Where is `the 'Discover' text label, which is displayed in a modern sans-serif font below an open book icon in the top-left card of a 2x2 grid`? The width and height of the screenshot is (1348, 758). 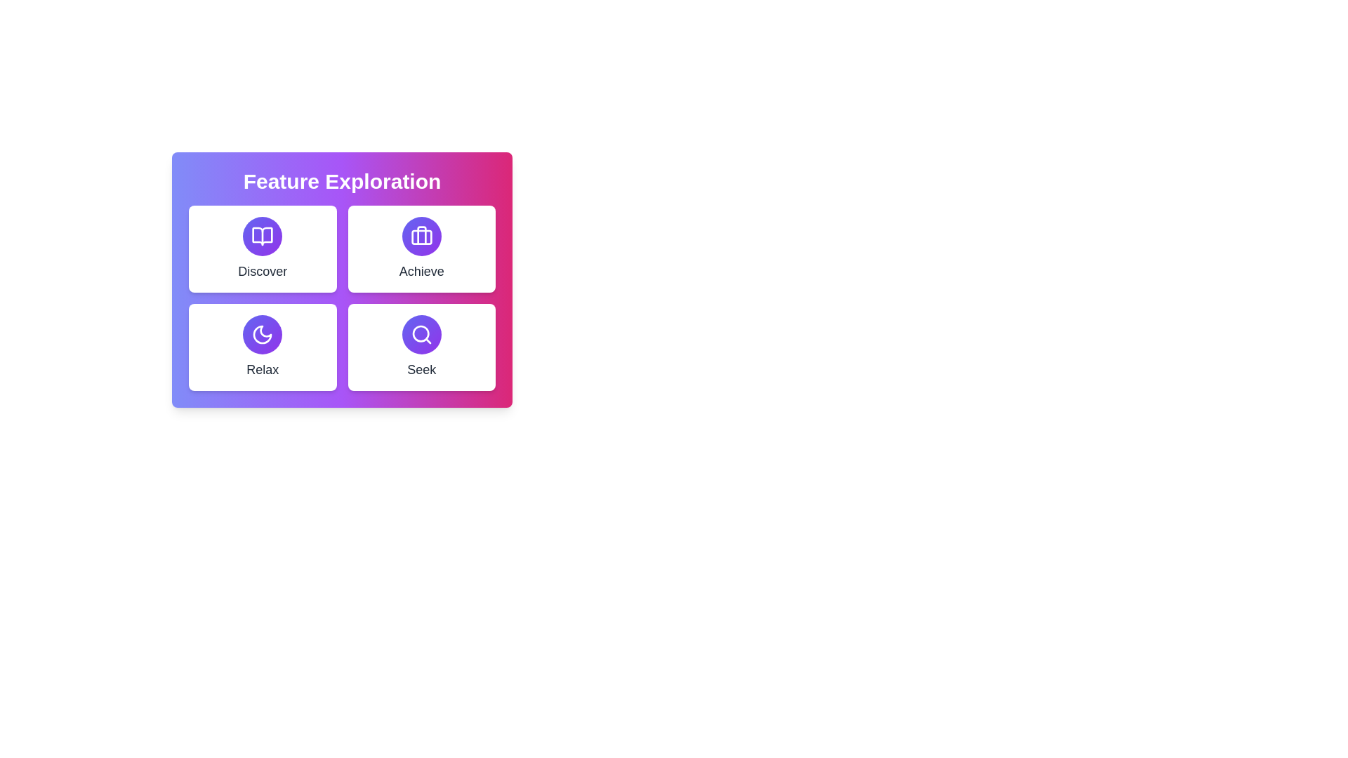 the 'Discover' text label, which is displayed in a modern sans-serif font below an open book icon in the top-left card of a 2x2 grid is located at coordinates (263, 271).